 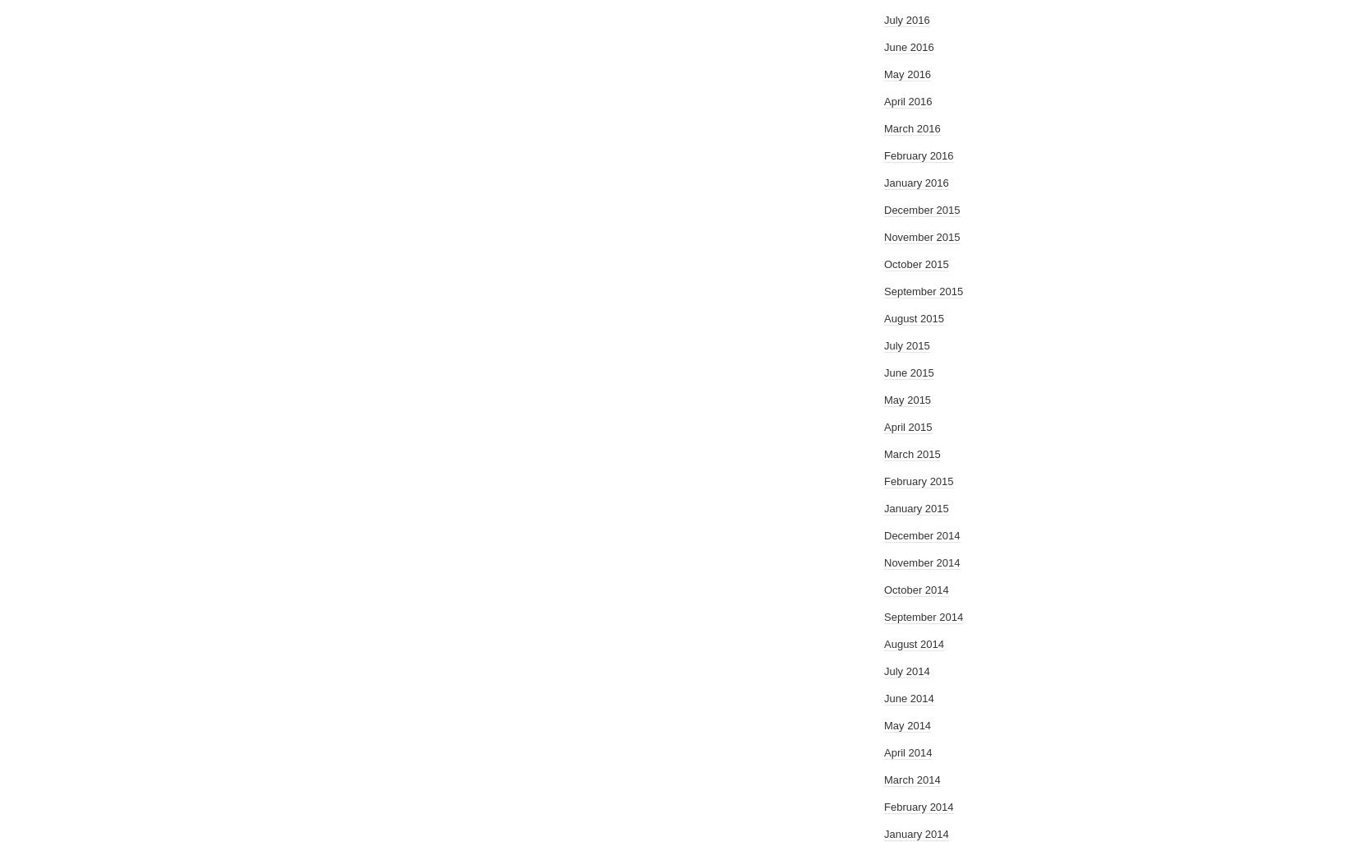 What do you see at coordinates (919, 807) in the screenshot?
I see `'February 2014'` at bounding box center [919, 807].